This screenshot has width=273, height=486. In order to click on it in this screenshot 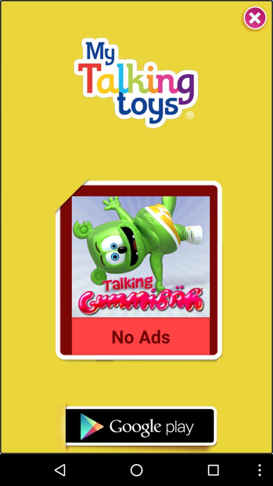, I will do `click(254, 18)`.